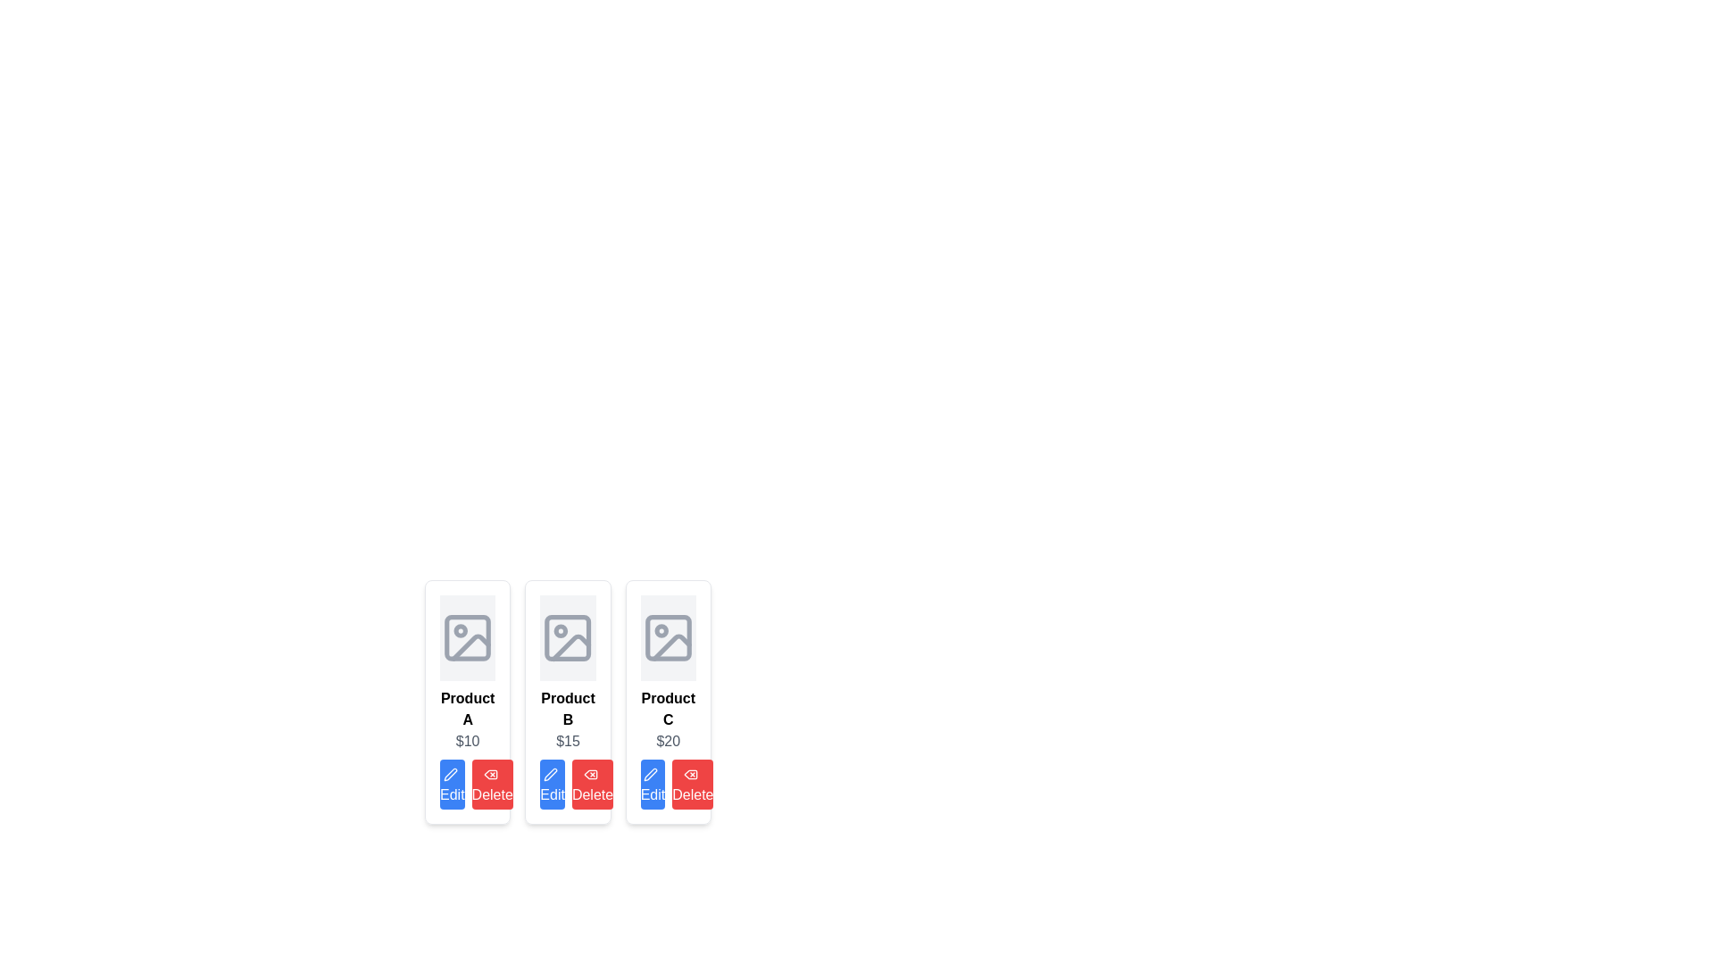 The width and height of the screenshot is (1714, 964). I want to click on the pen icon embedded within the 'Edit' button for 'Product B', which is styled in blue and located at the bottom of the product card, so click(550, 773).